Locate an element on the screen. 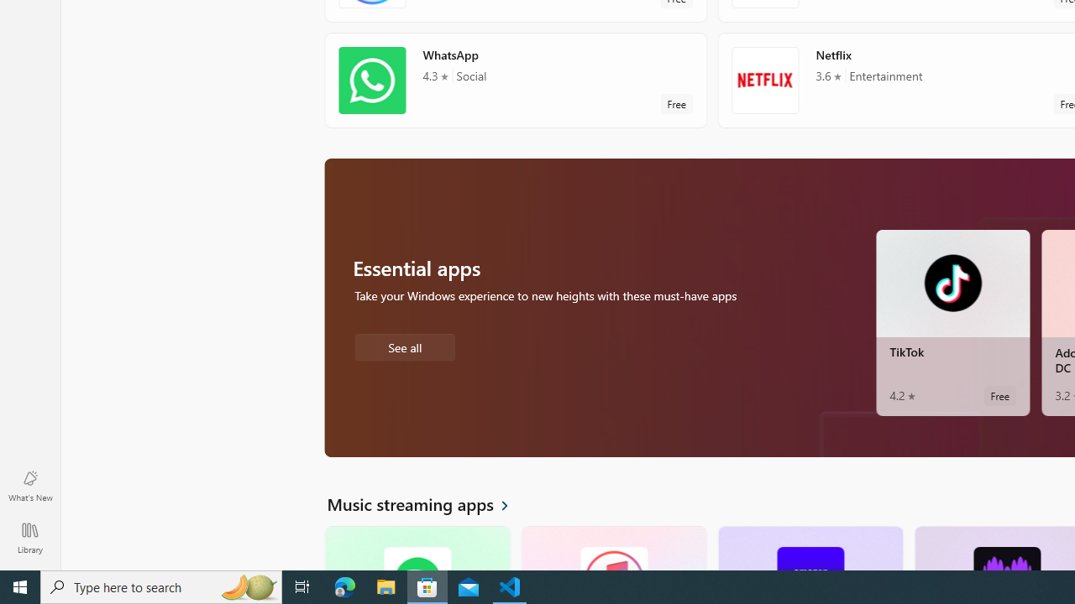  'WhatsApp. Average rating of 4.3 out of five stars. Free  ' is located at coordinates (515, 80).